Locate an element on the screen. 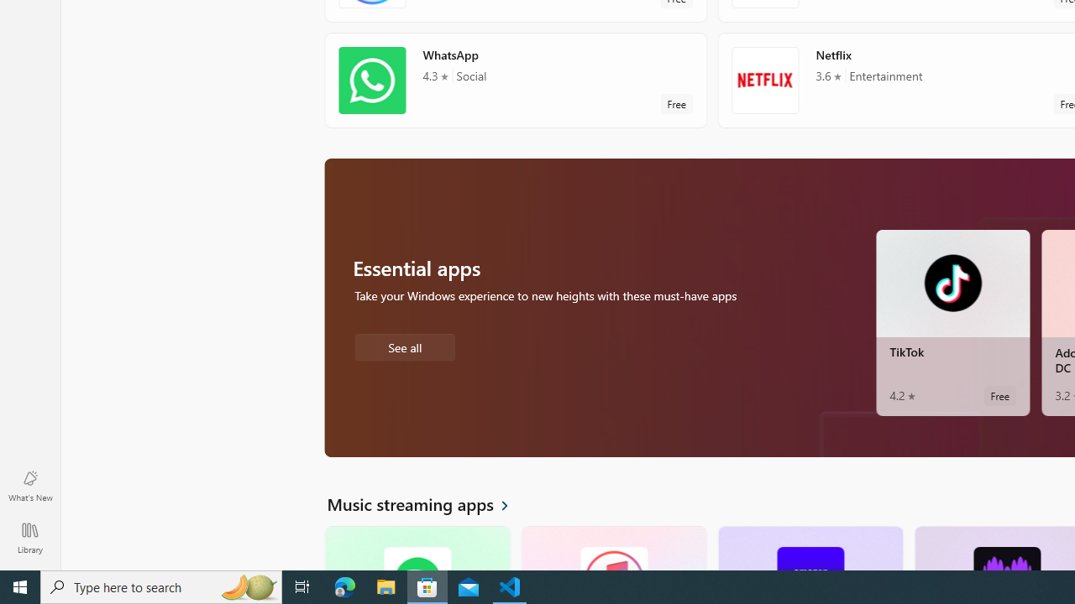  'WhatsApp. Average rating of 4.3 out of five stars. Free  ' is located at coordinates (515, 80).